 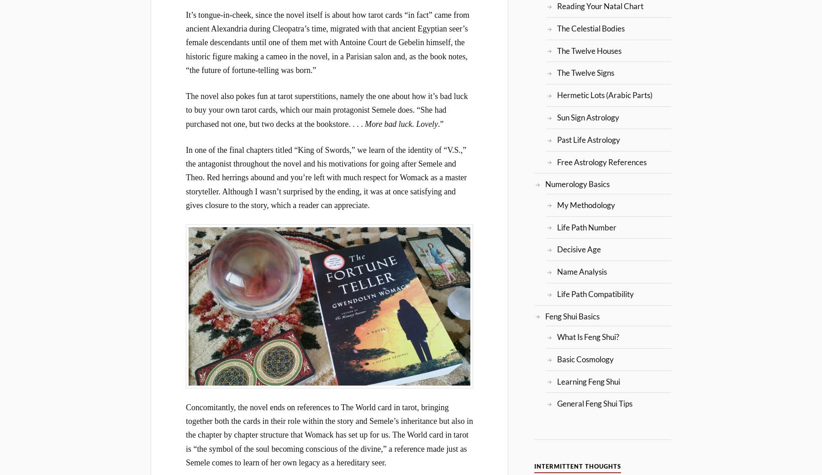 I want to click on 'The Celestial Bodies', so click(x=590, y=27).